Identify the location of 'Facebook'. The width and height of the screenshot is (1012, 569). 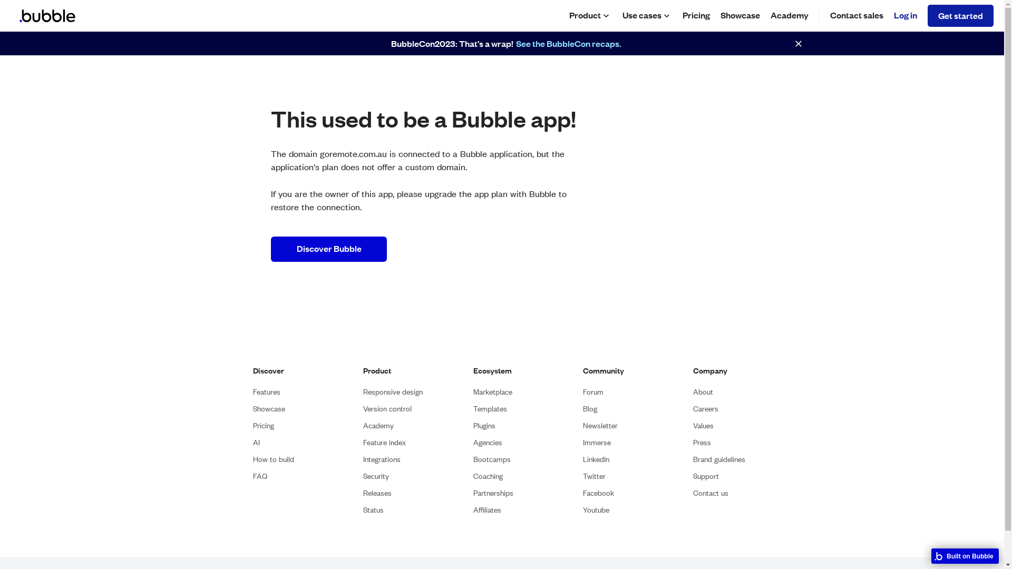
(582, 493).